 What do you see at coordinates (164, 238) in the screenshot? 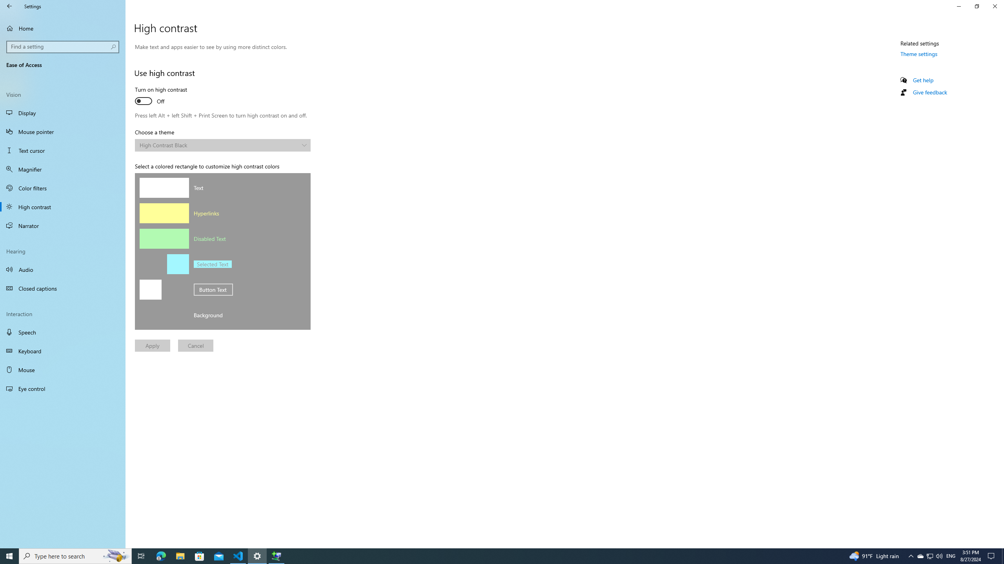
I see `'Disabled text color'` at bounding box center [164, 238].